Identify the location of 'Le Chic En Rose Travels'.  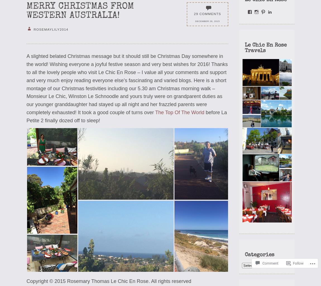
(265, 48).